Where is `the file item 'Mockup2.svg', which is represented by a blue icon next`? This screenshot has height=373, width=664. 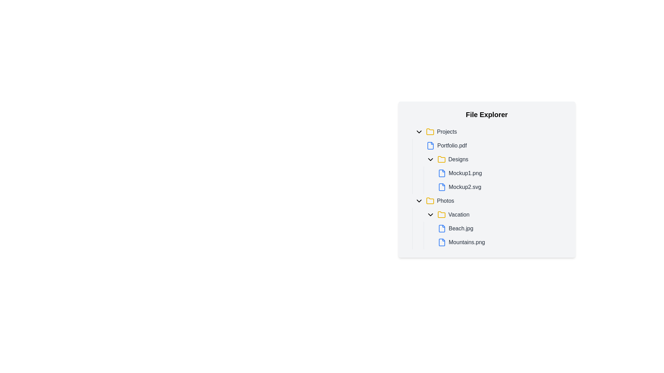 the file item 'Mockup2.svg', which is represented by a blue icon next is located at coordinates (501, 187).